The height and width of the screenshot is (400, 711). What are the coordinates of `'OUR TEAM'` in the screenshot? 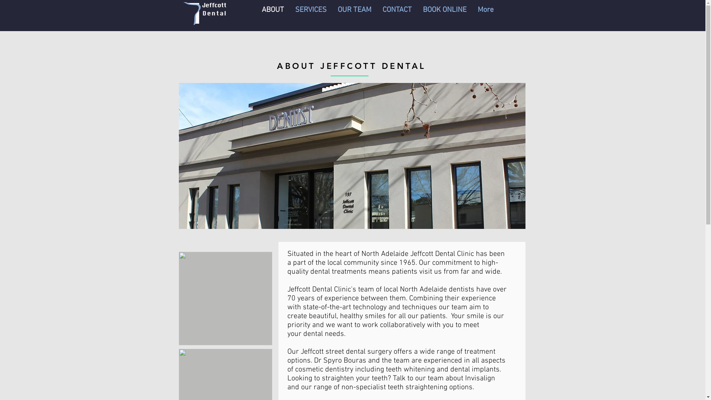 It's located at (331, 13).